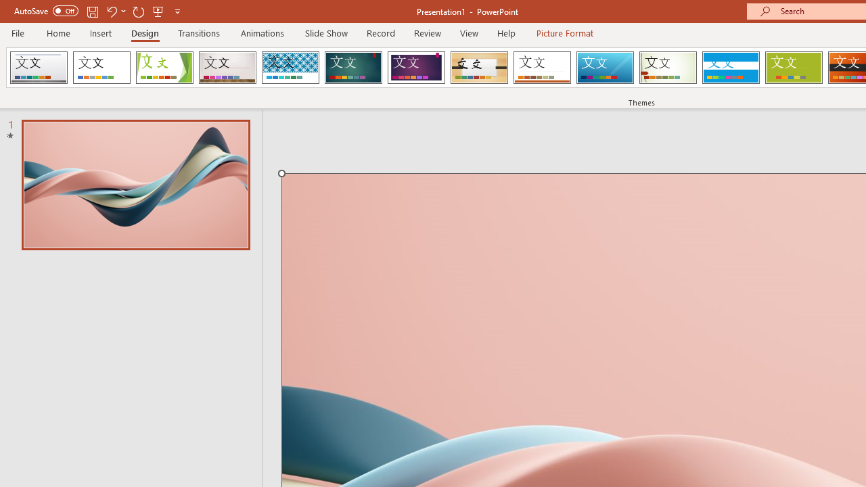  What do you see at coordinates (479, 68) in the screenshot?
I see `'Organic'` at bounding box center [479, 68].